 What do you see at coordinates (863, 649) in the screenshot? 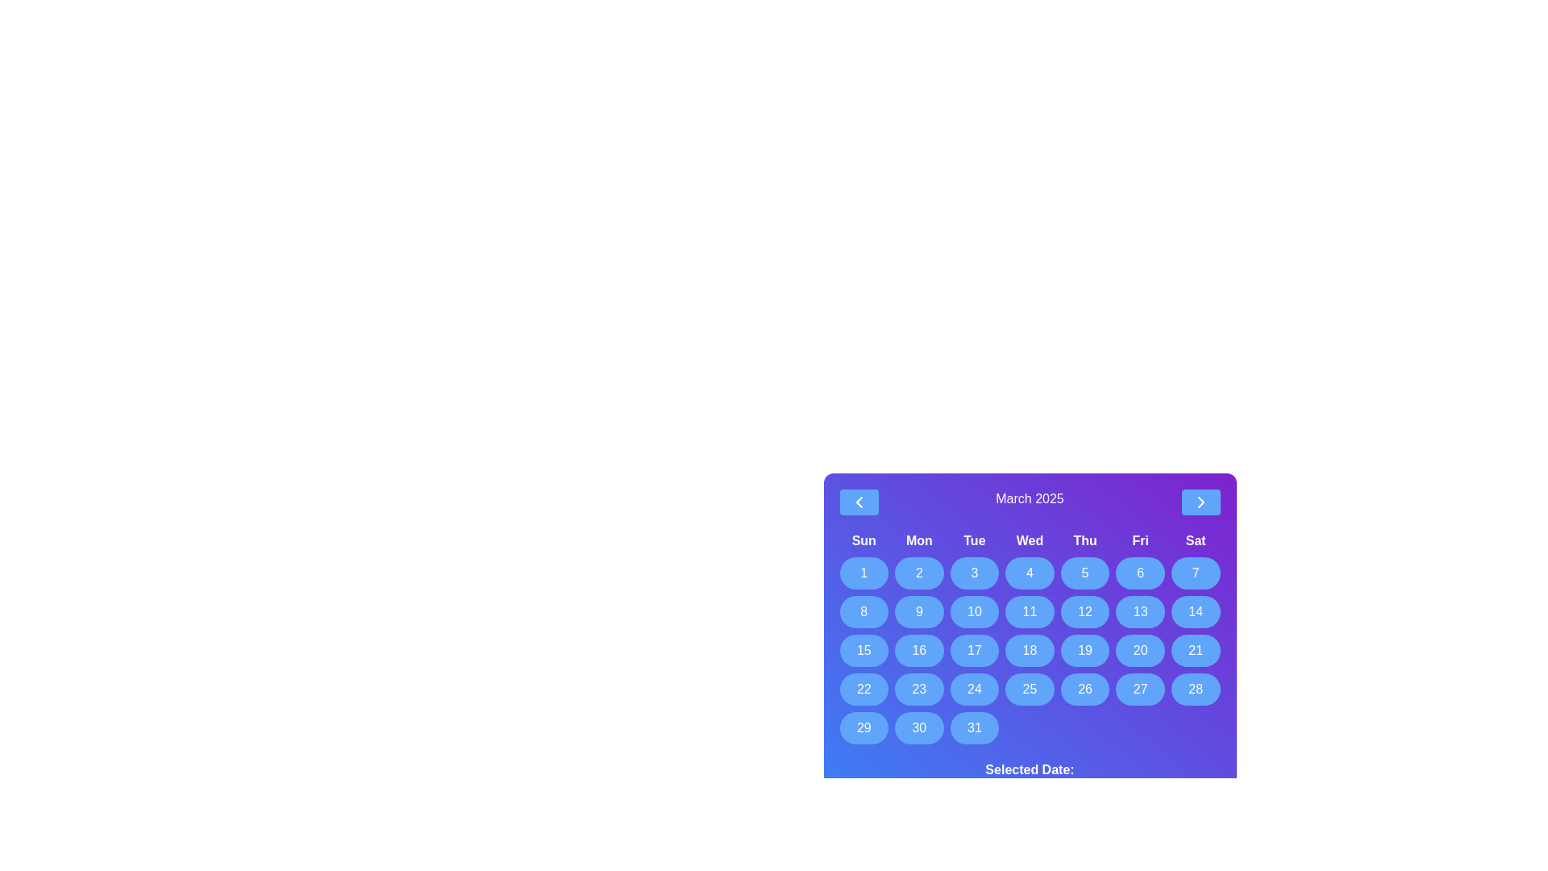
I see `the button in the calendar grid` at bounding box center [863, 649].